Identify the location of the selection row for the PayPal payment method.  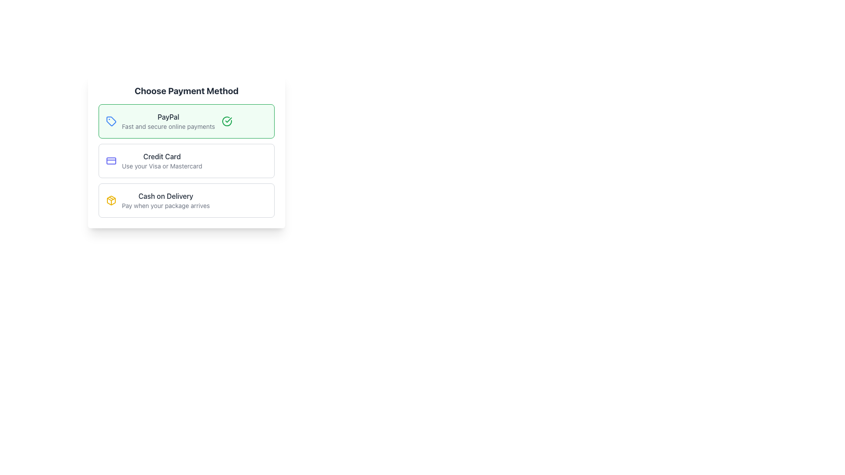
(160, 121).